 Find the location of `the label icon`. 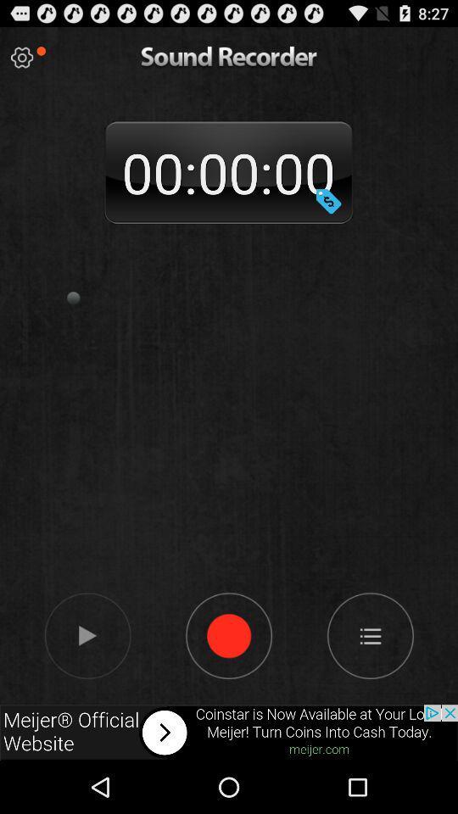

the label icon is located at coordinates (328, 215).